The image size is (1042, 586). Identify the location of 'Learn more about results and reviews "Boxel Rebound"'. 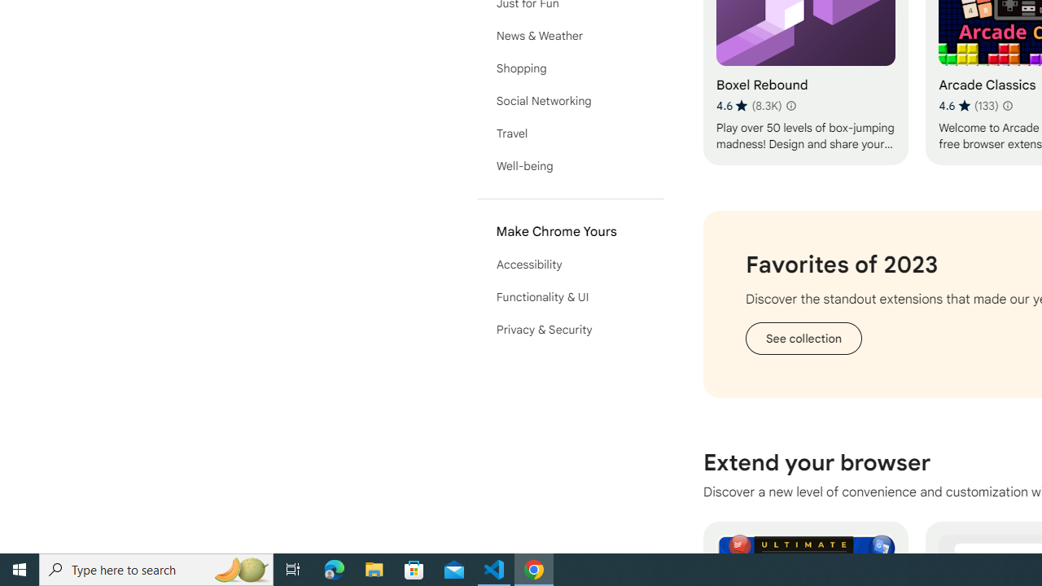
(790, 105).